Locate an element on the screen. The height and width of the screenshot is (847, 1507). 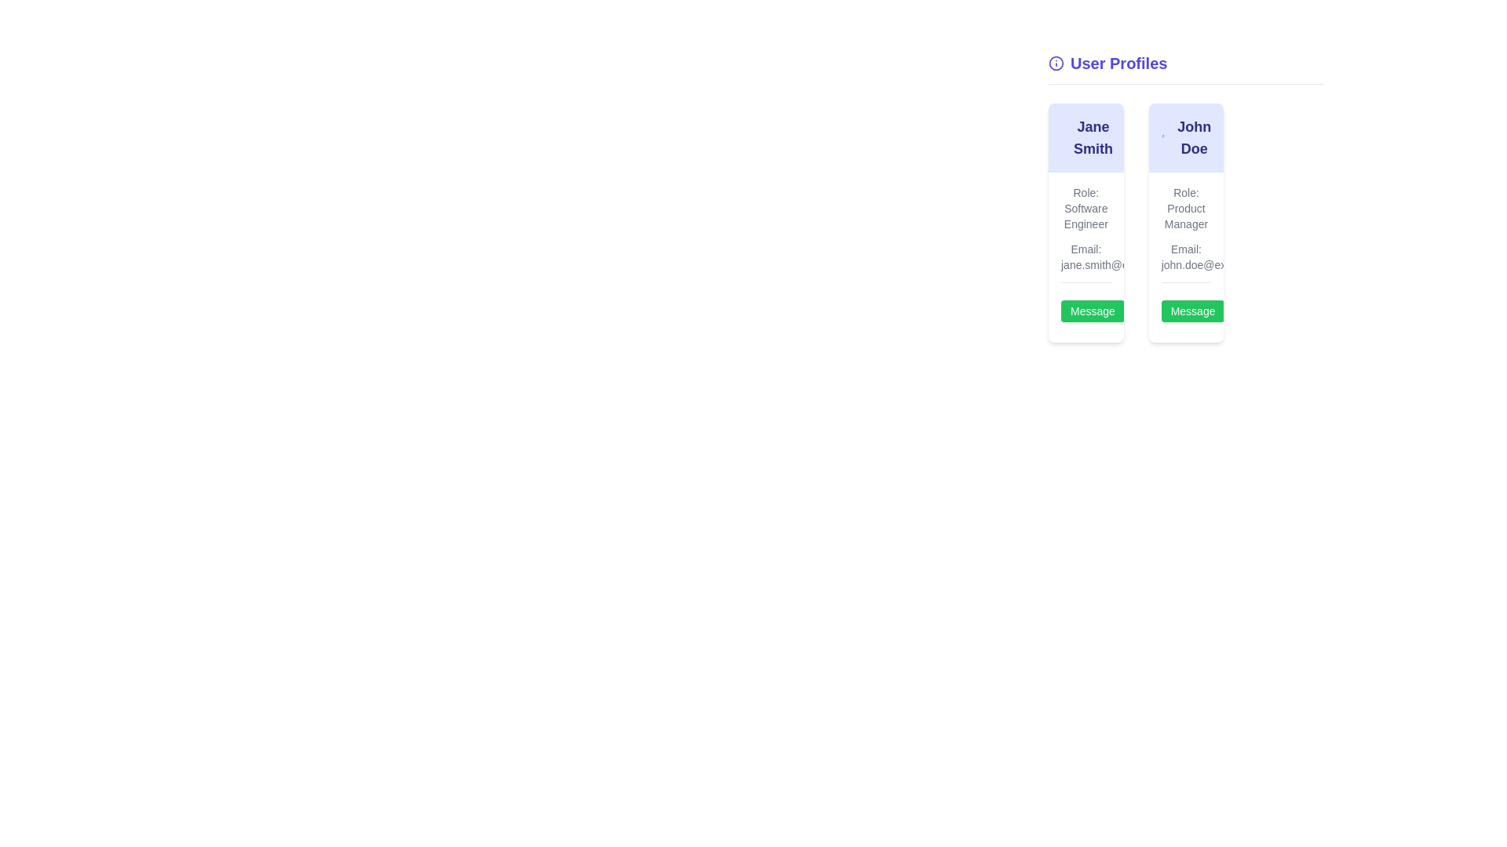
the non-interactive text label displaying the user's name located at the top of the profile card in the 'User Profiles' section is located at coordinates (1193, 137).